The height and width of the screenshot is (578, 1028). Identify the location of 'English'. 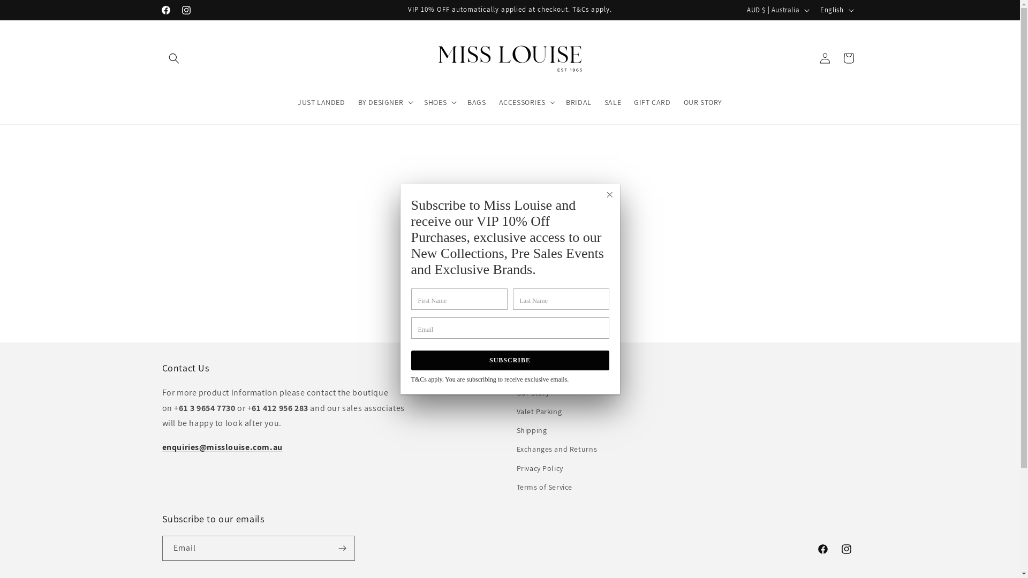
(835, 10).